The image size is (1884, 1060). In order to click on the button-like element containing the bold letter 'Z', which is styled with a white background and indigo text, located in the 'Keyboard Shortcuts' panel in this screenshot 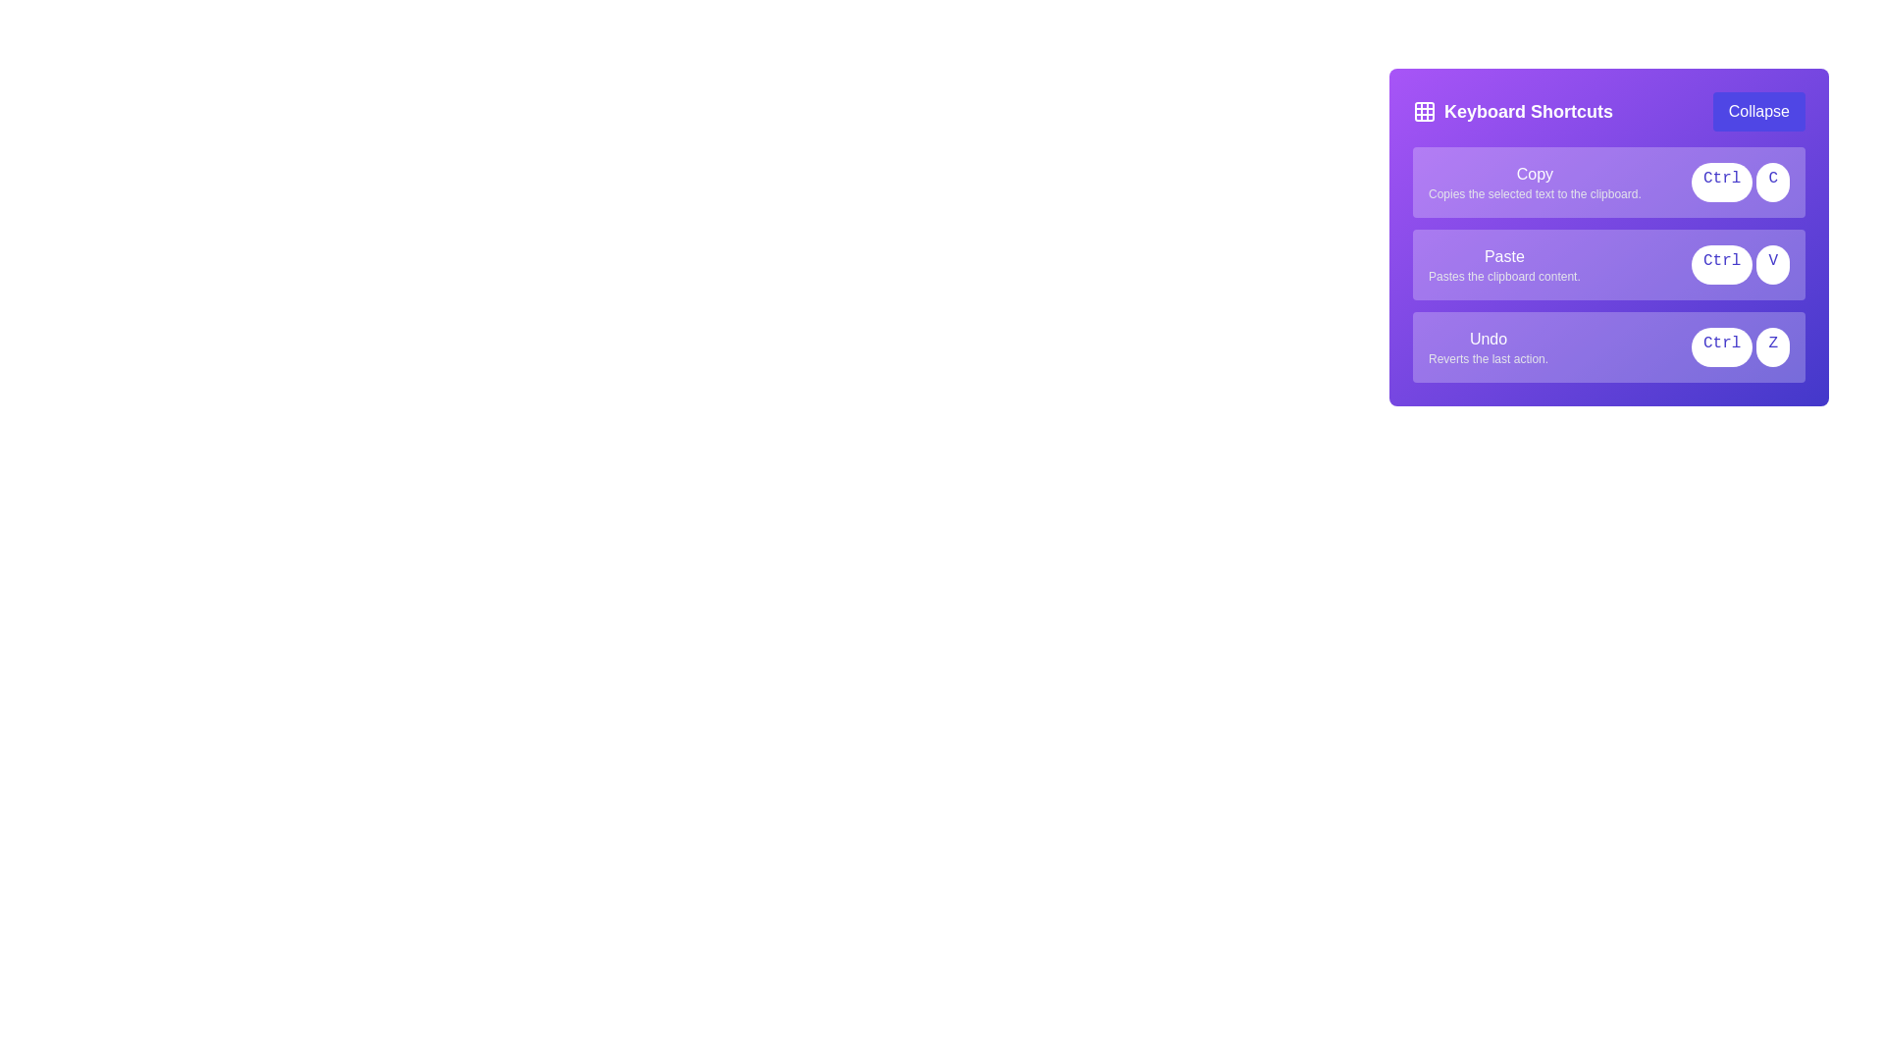, I will do `click(1773, 346)`.